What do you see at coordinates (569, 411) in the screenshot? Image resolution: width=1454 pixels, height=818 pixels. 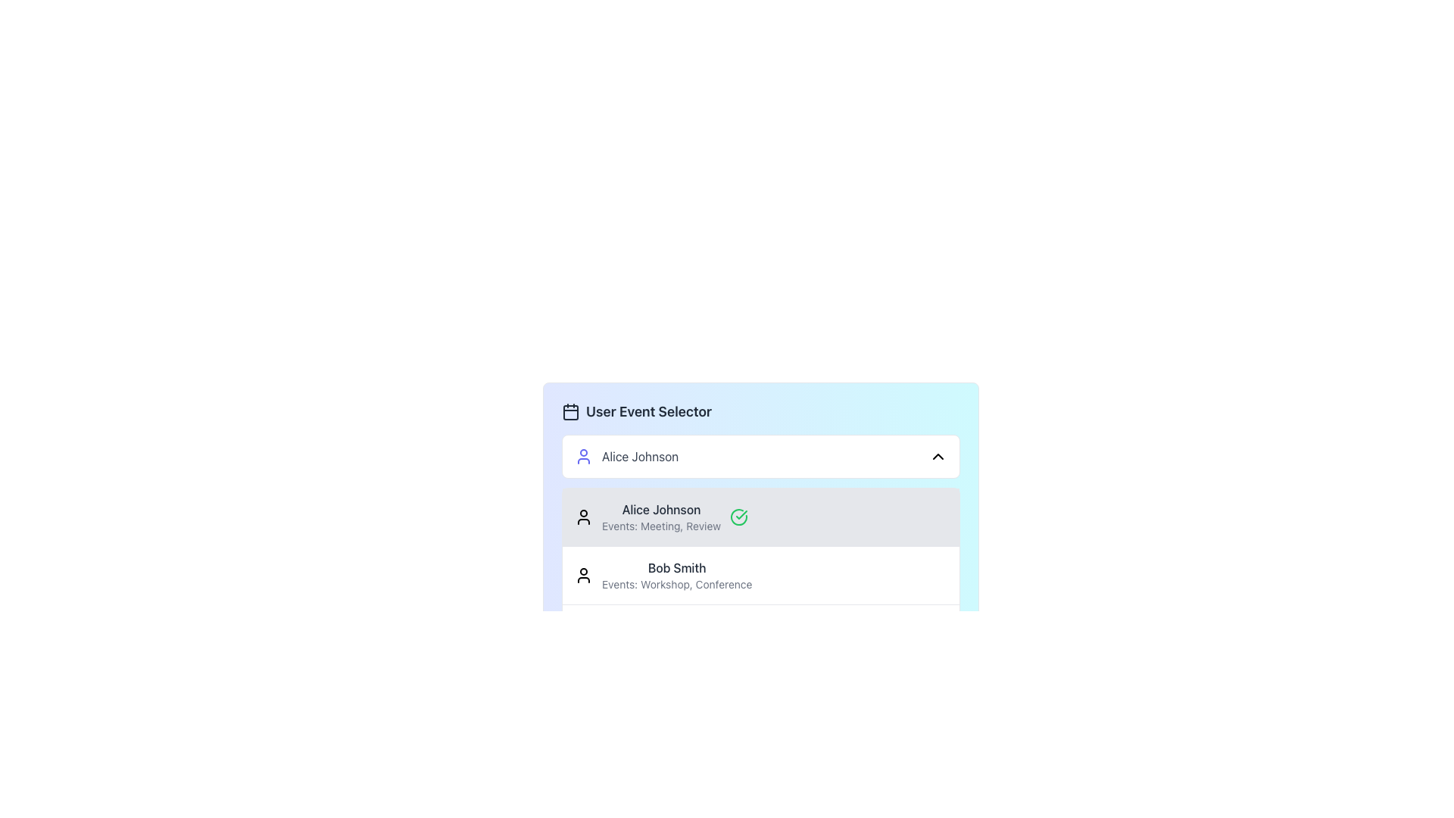 I see `the calendar icon located at the leftmost side of the 'User Event Selector' header, which precedes the bold text 'User Event Selector'` at bounding box center [569, 411].